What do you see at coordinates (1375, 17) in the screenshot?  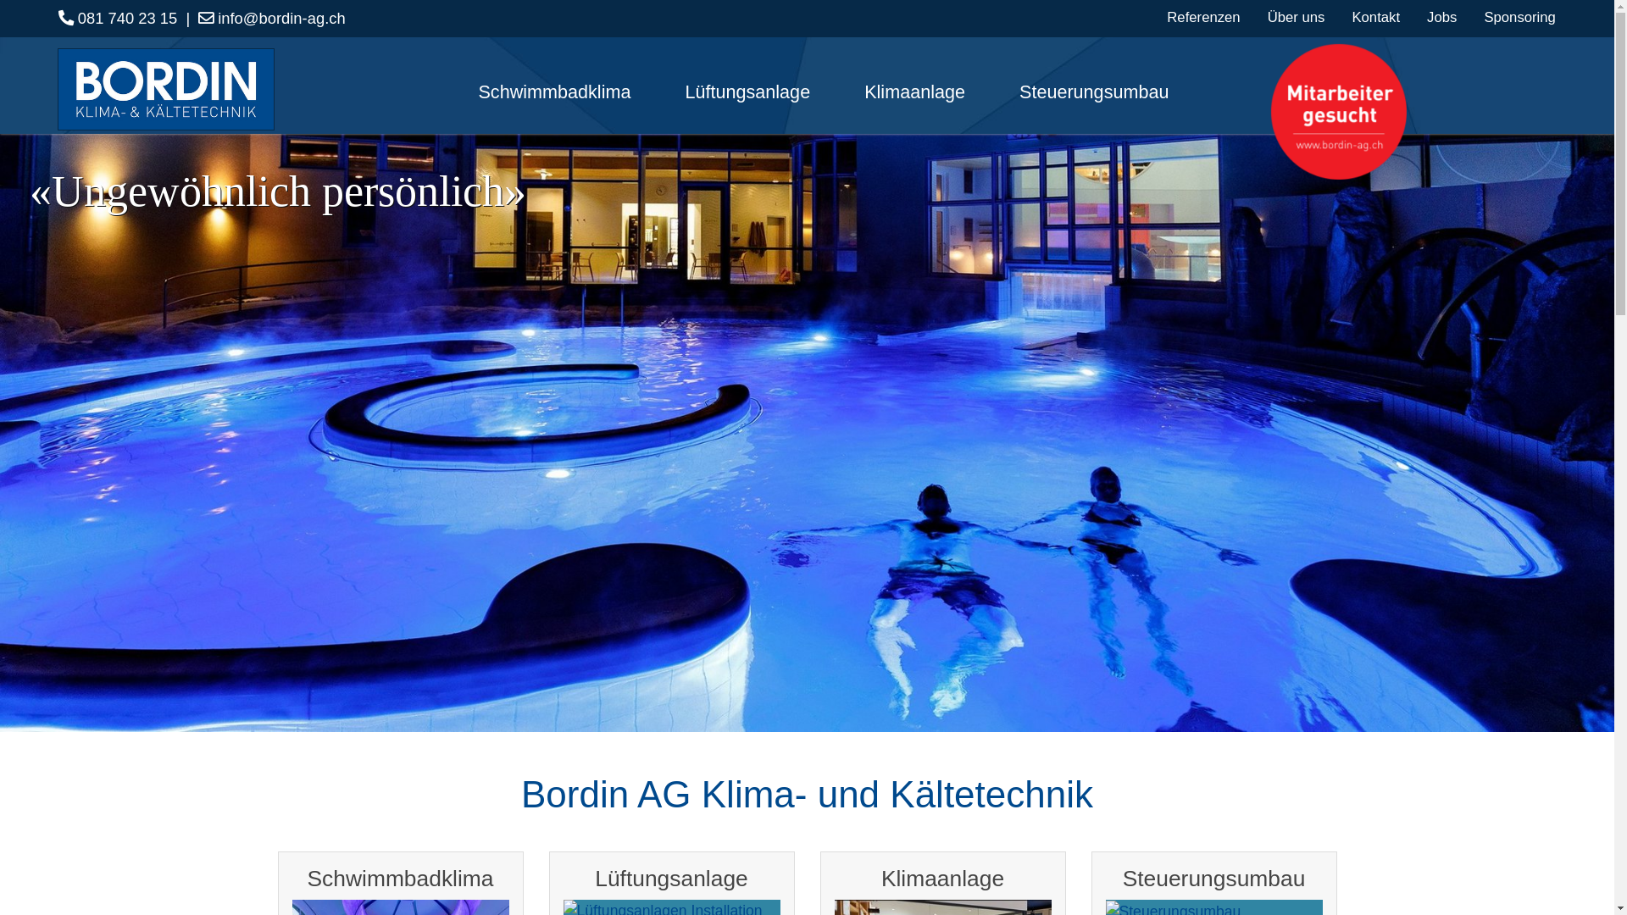 I see `'Kontakt'` at bounding box center [1375, 17].